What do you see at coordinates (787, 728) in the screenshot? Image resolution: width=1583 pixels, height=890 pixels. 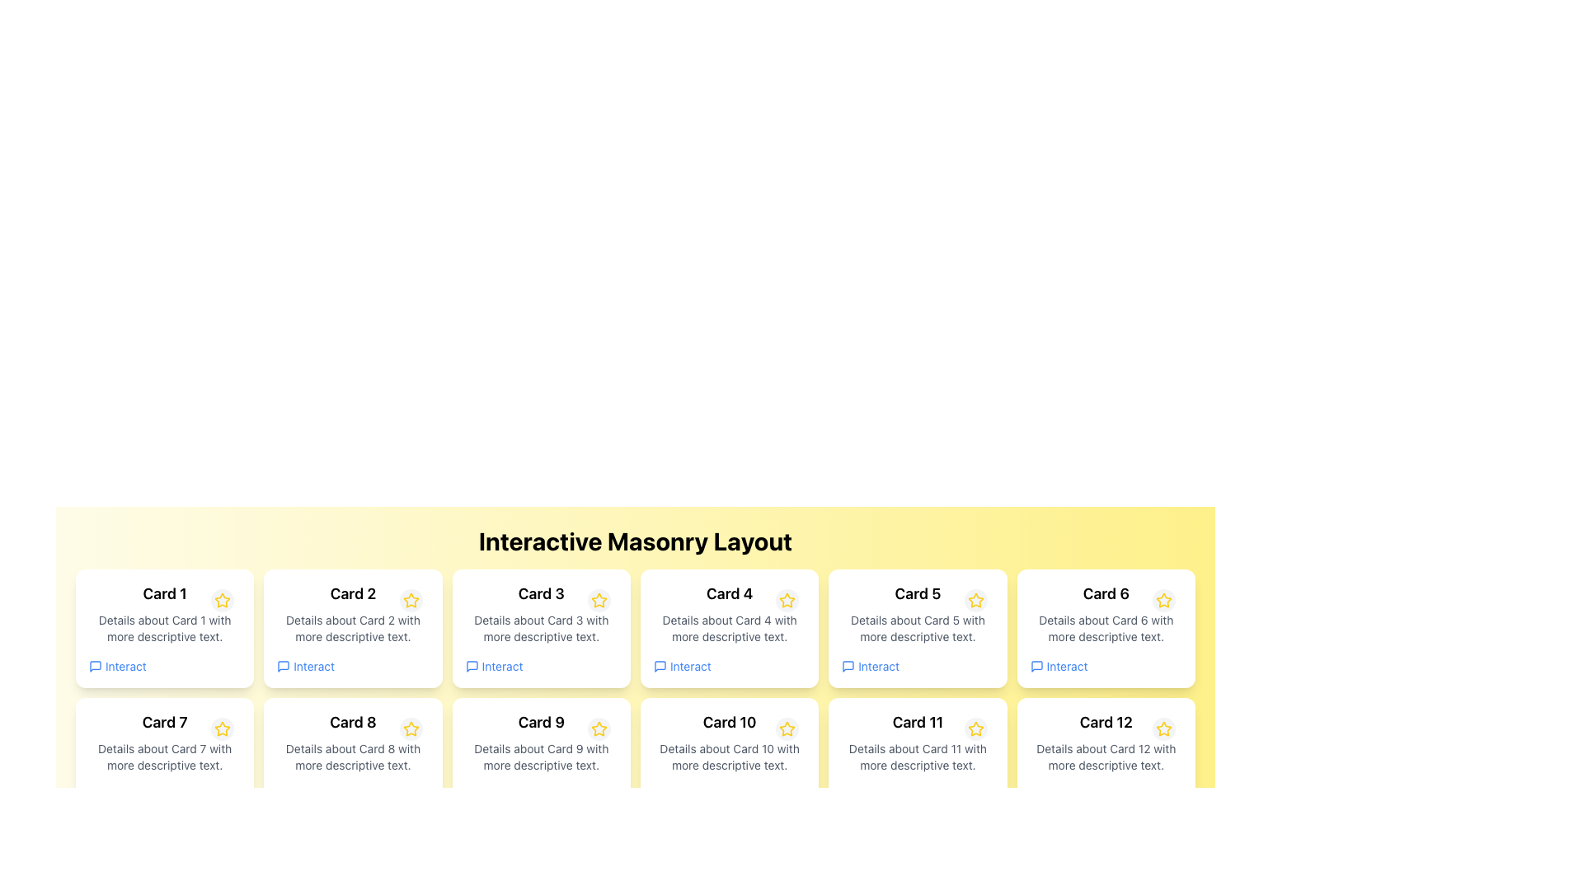 I see `the interactive button with a star icon located in the top-right corner of 'Card 10'` at bounding box center [787, 728].